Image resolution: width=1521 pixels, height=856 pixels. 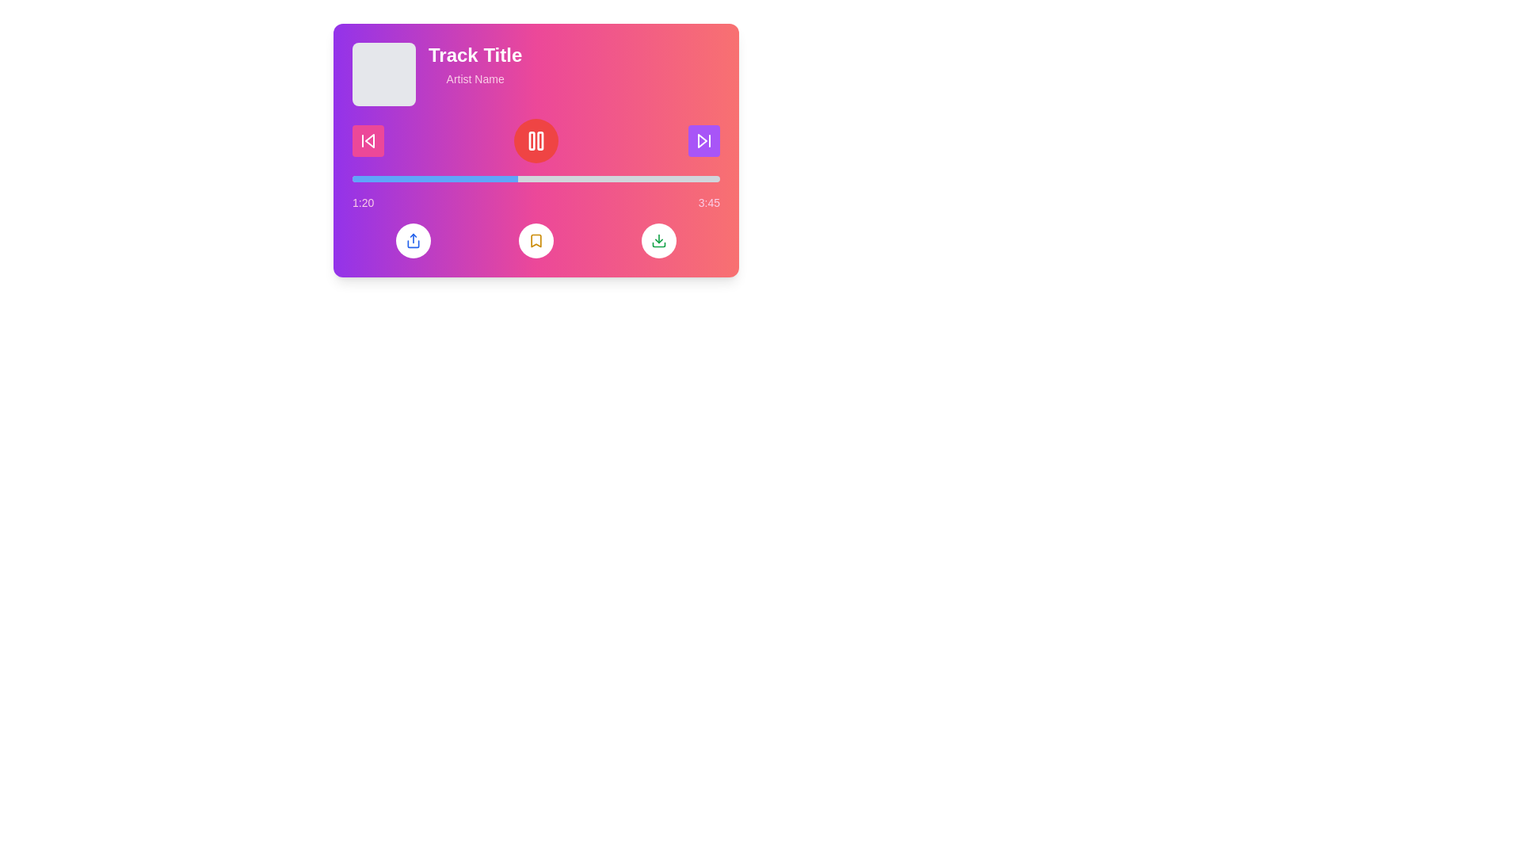 I want to click on the skip-back button, which is an icon with a triangle pointing left and a vertical line, outlined in white on a vibrant pink background, positioned to the left of the circular pause button, so click(x=368, y=139).